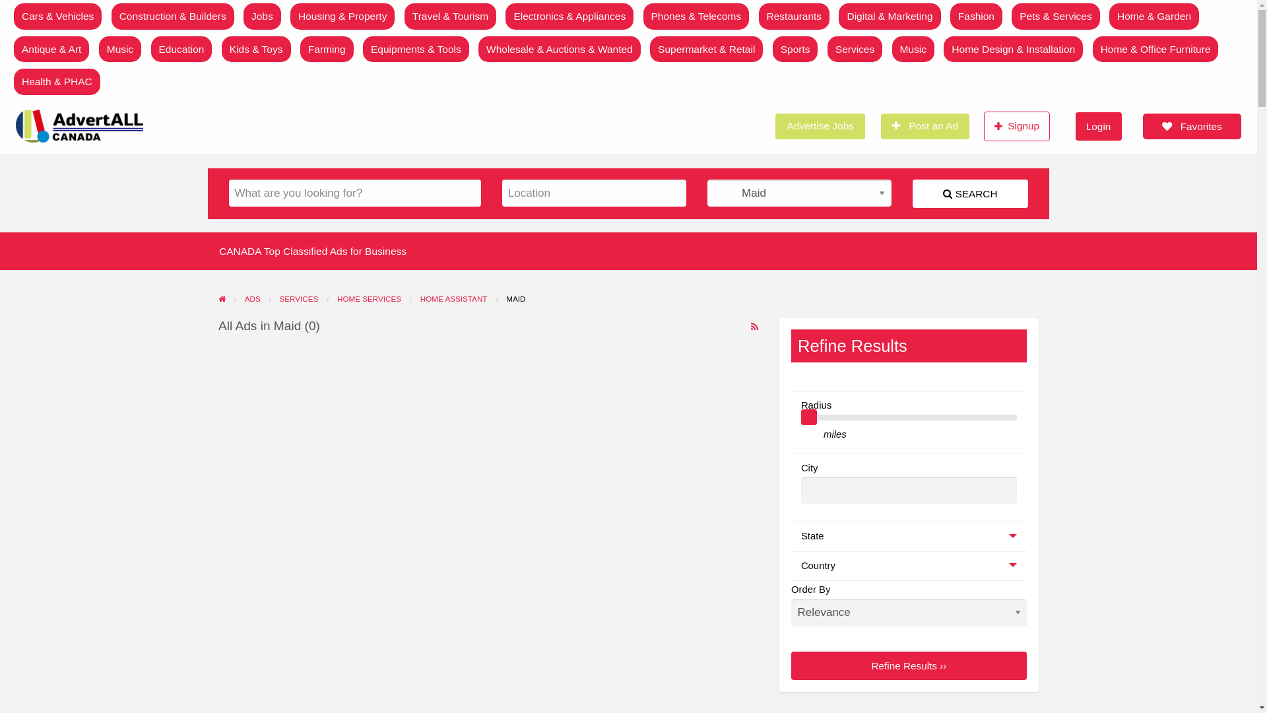  What do you see at coordinates (222, 48) in the screenshot?
I see `'Kids & Toys'` at bounding box center [222, 48].